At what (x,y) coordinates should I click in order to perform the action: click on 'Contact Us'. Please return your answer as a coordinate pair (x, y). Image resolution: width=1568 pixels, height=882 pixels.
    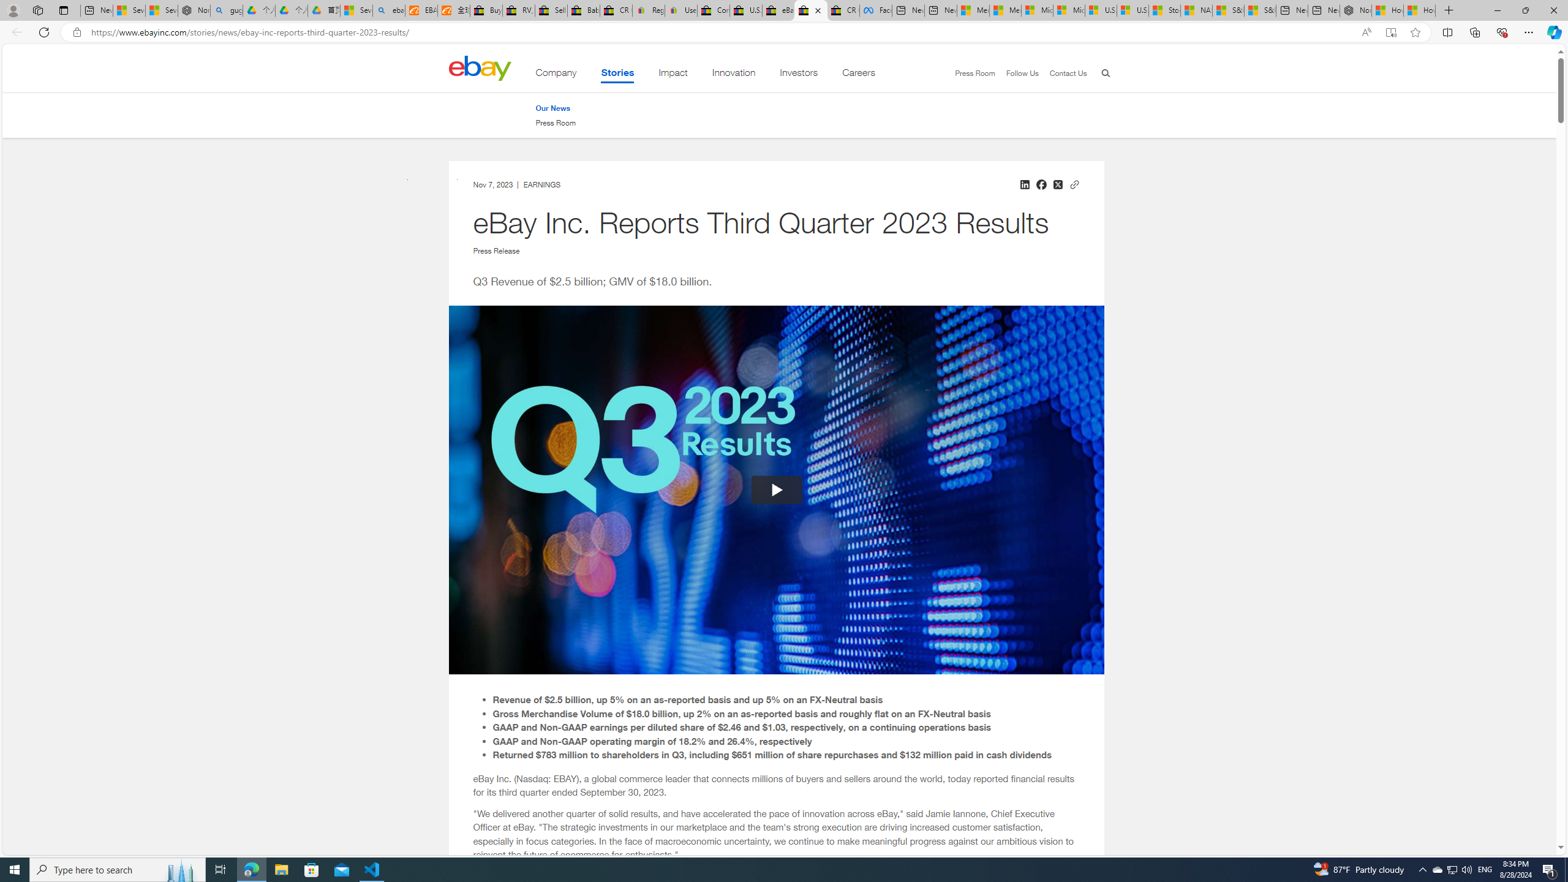
    Looking at the image, I should click on (1067, 72).